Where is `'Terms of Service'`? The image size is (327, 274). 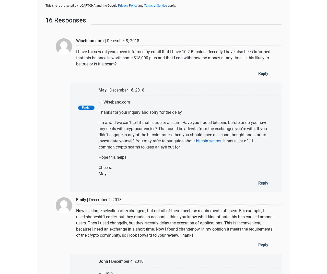 'Terms of Service' is located at coordinates (155, 5).